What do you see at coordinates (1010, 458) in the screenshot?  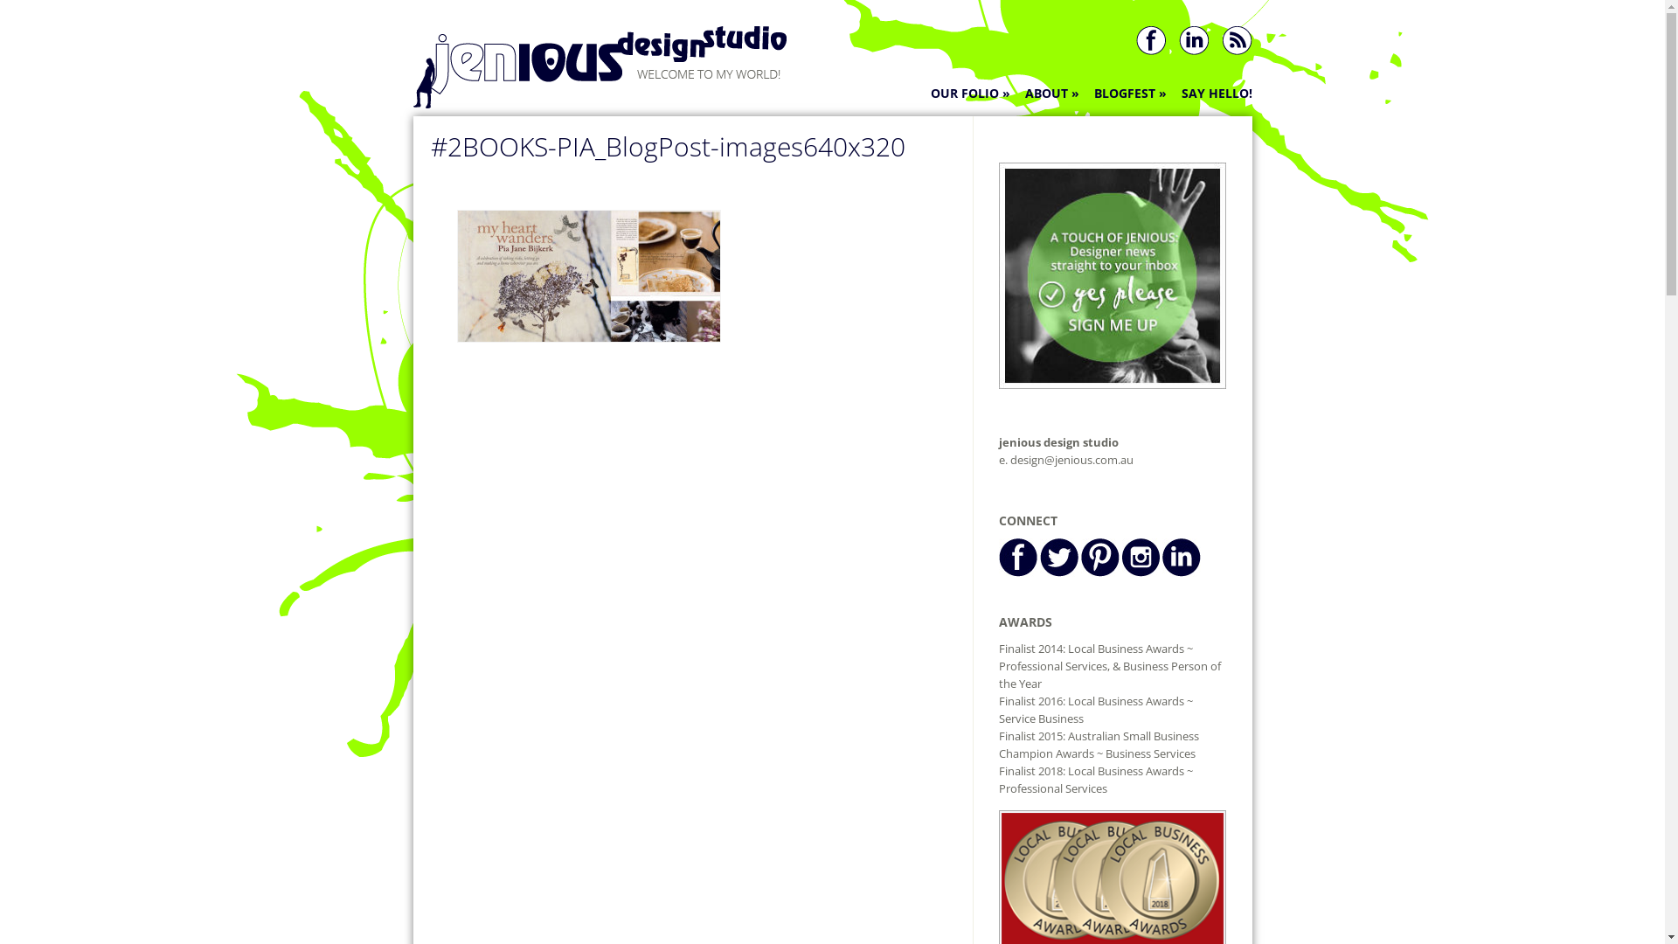 I see `'design@jenious.com.au'` at bounding box center [1010, 458].